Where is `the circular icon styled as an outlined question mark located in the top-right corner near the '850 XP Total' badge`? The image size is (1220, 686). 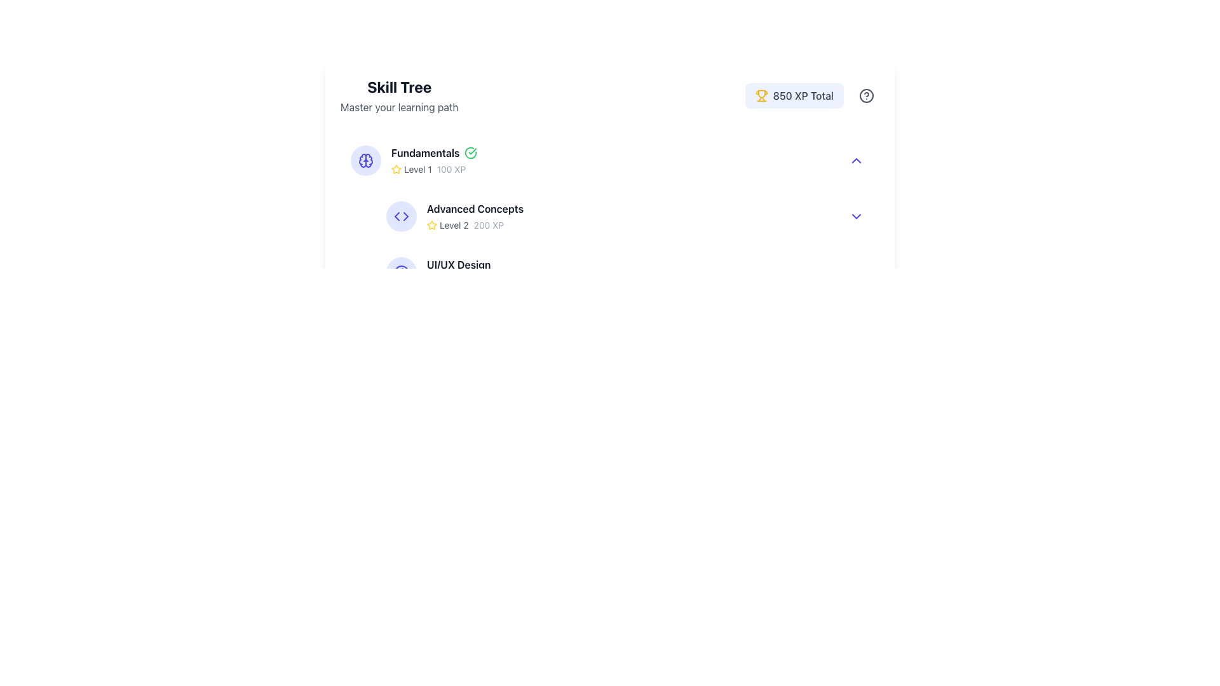
the circular icon styled as an outlined question mark located in the top-right corner near the '850 XP Total' badge is located at coordinates (865, 95).